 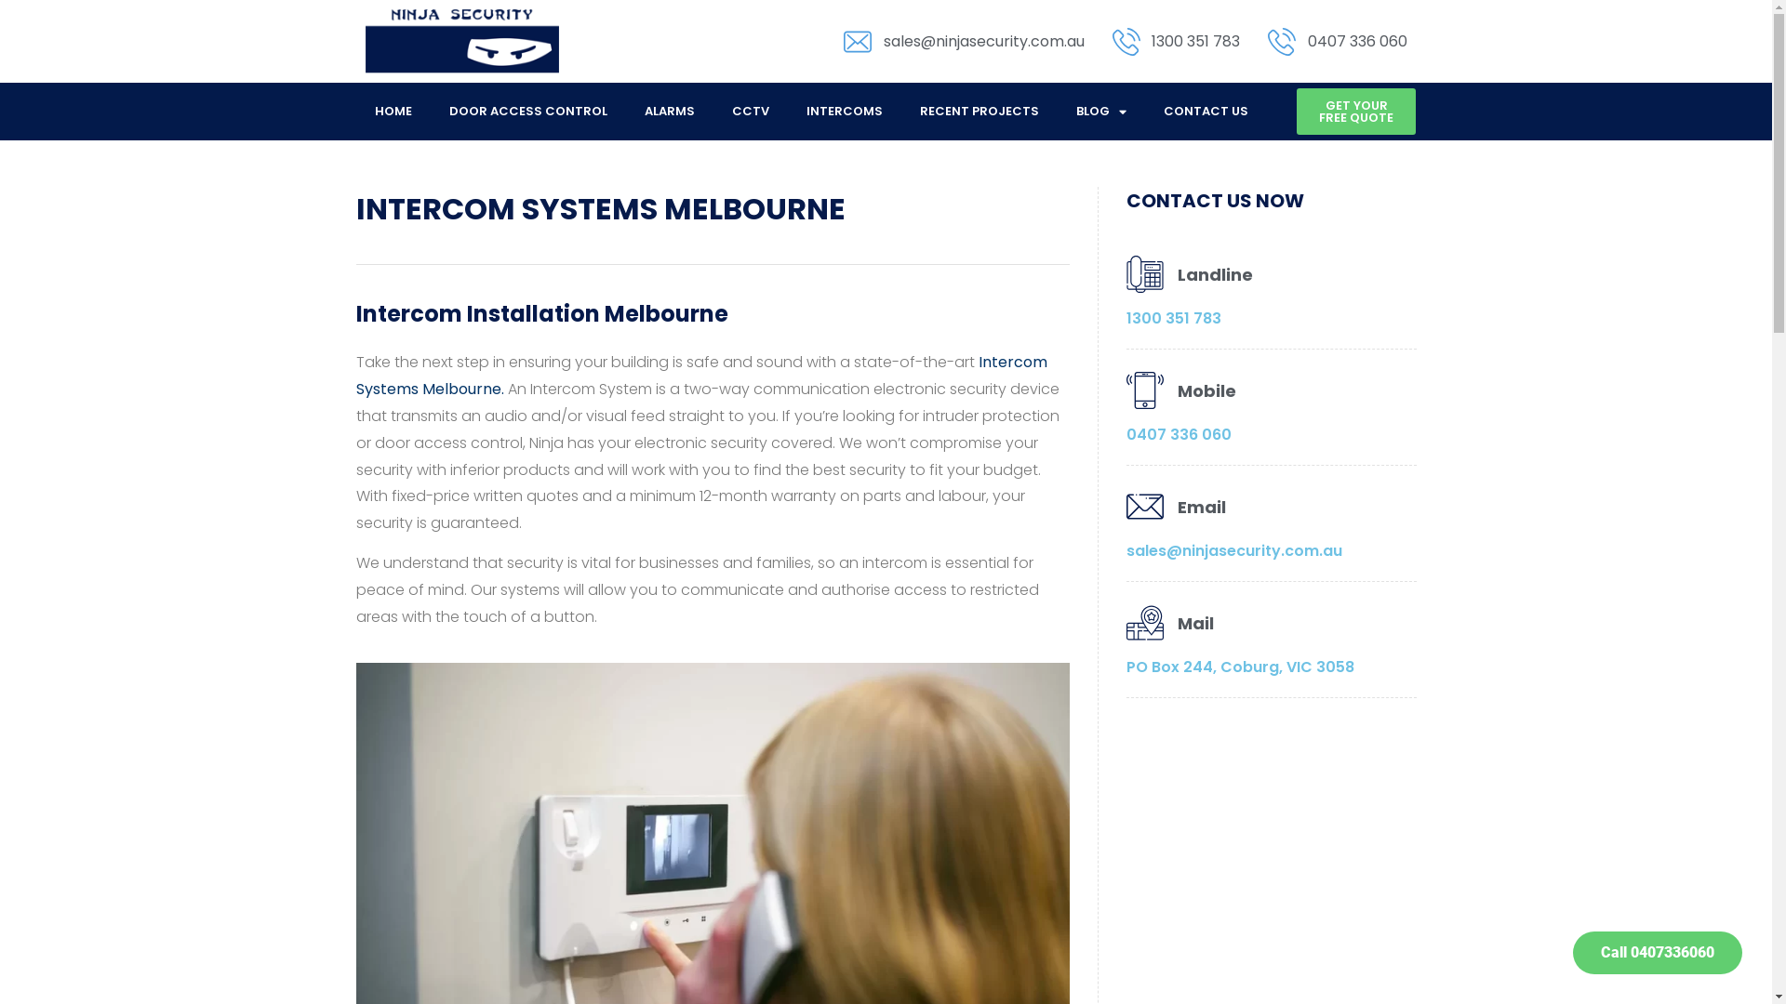 What do you see at coordinates (526, 111) in the screenshot?
I see `'DOOR ACCESS CONTROL'` at bounding box center [526, 111].